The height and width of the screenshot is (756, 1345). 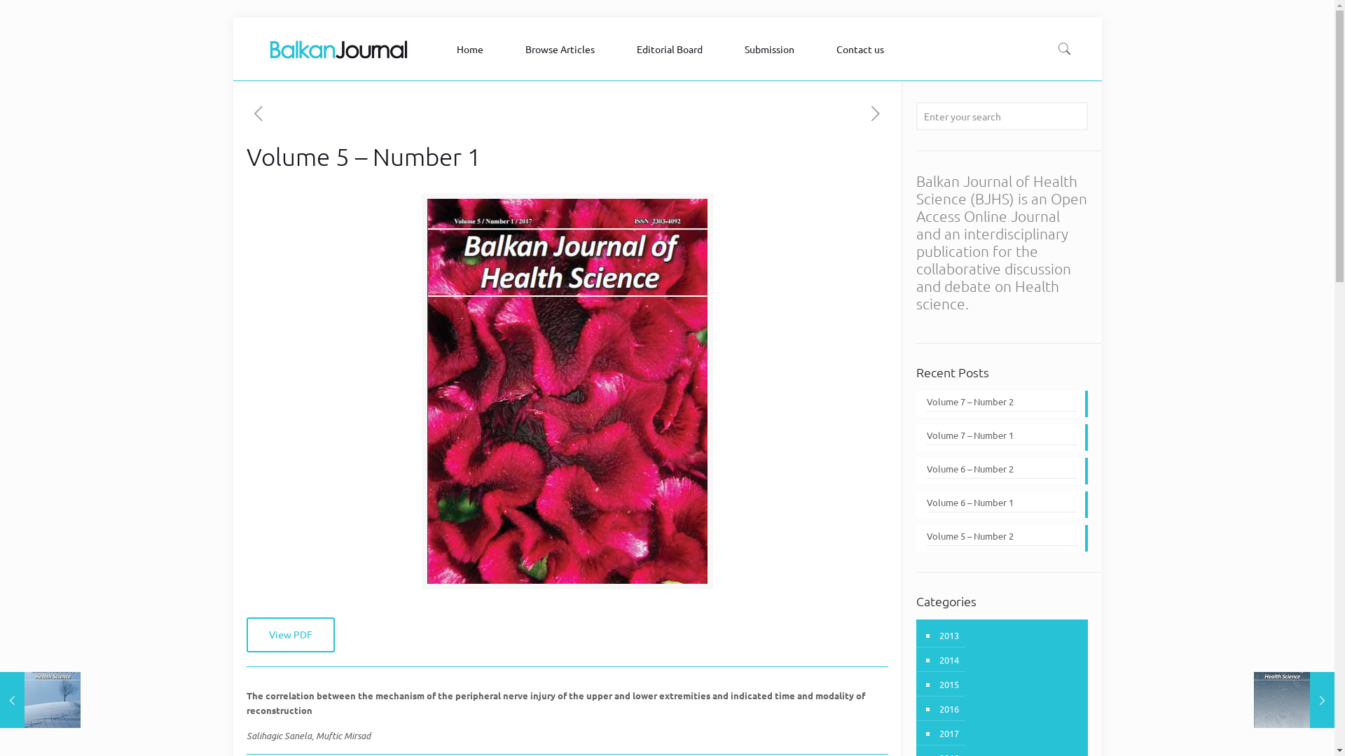 I want to click on 'Home', so click(x=474, y=48).